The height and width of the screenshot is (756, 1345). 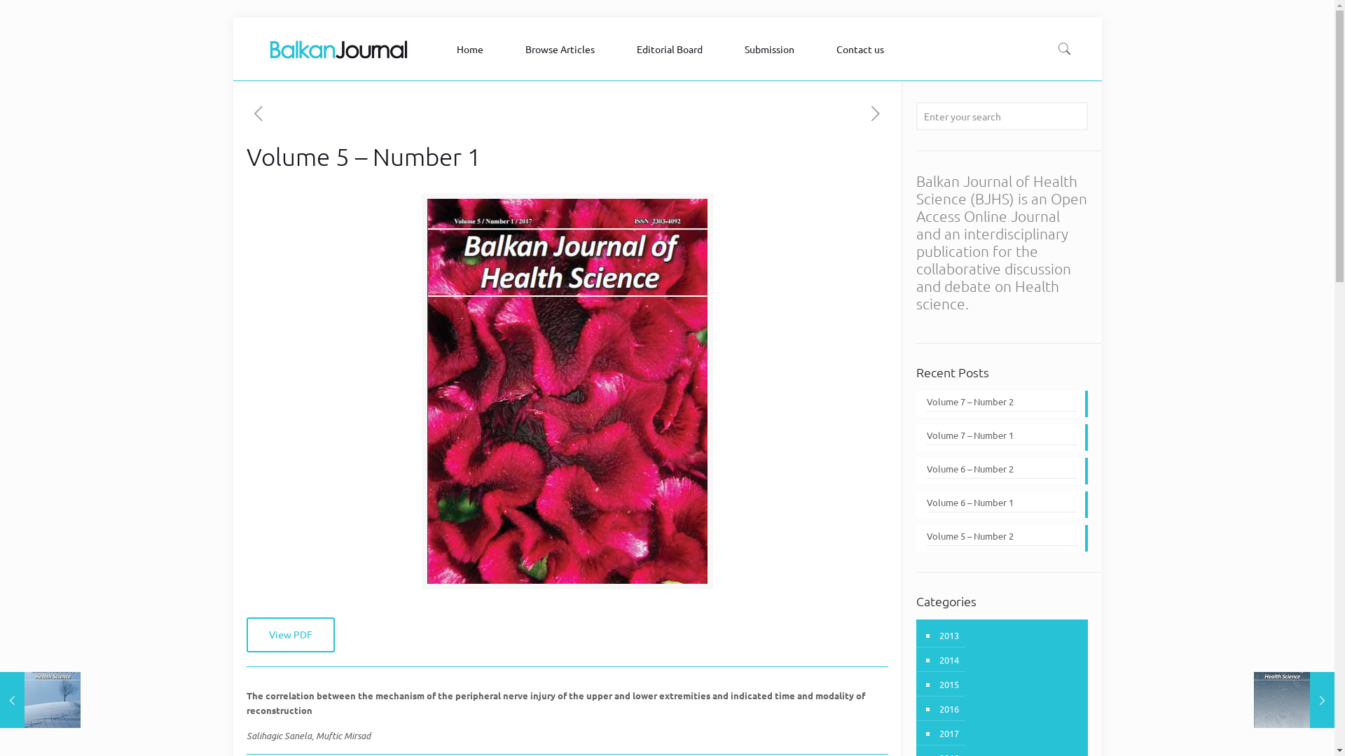 I want to click on 'Home', so click(x=474, y=48).